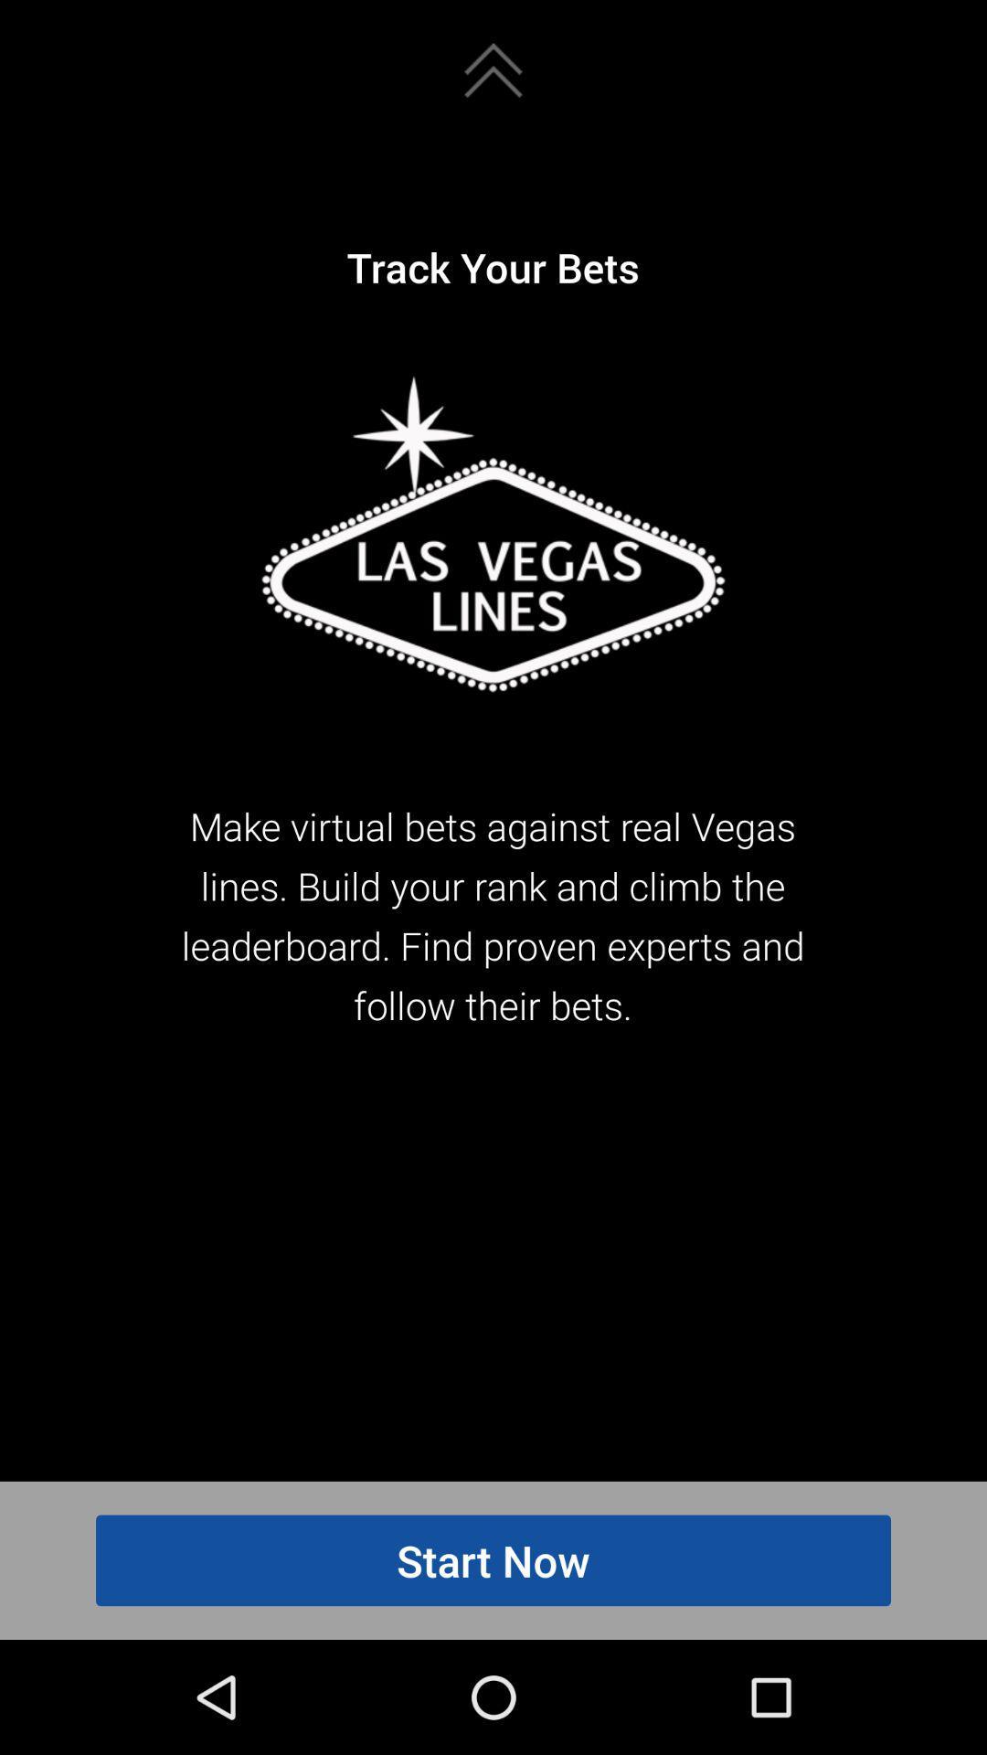 Image resolution: width=987 pixels, height=1755 pixels. What do you see at coordinates (493, 1559) in the screenshot?
I see `item below make virtual bets icon` at bounding box center [493, 1559].